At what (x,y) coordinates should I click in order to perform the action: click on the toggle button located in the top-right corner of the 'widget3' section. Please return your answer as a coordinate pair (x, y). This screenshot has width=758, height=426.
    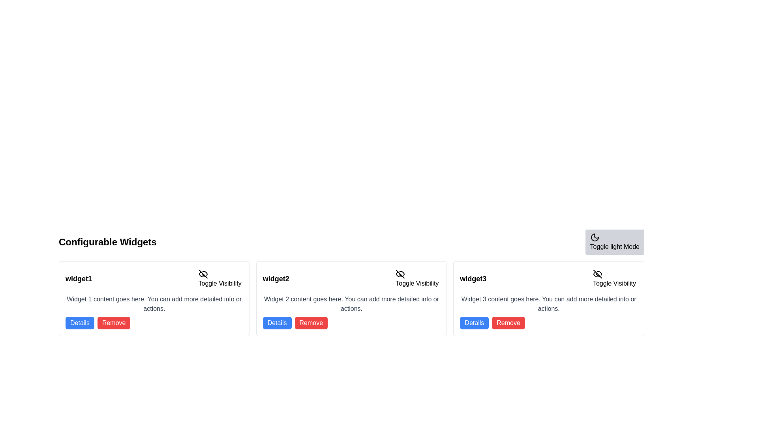
    Looking at the image, I should click on (614, 278).